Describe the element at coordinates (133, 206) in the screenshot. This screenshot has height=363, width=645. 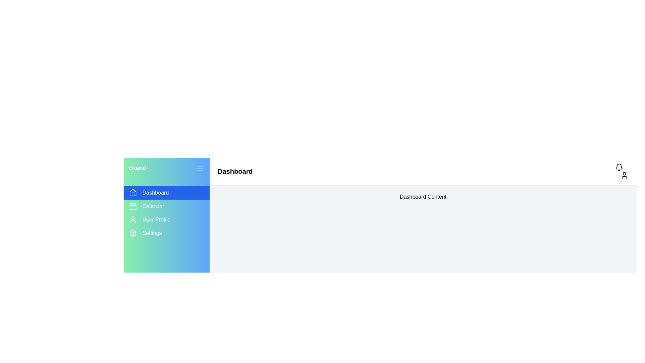
I see `the calendar icon located to the left of the 'Calendar' text in the vertical navigation menu` at that location.